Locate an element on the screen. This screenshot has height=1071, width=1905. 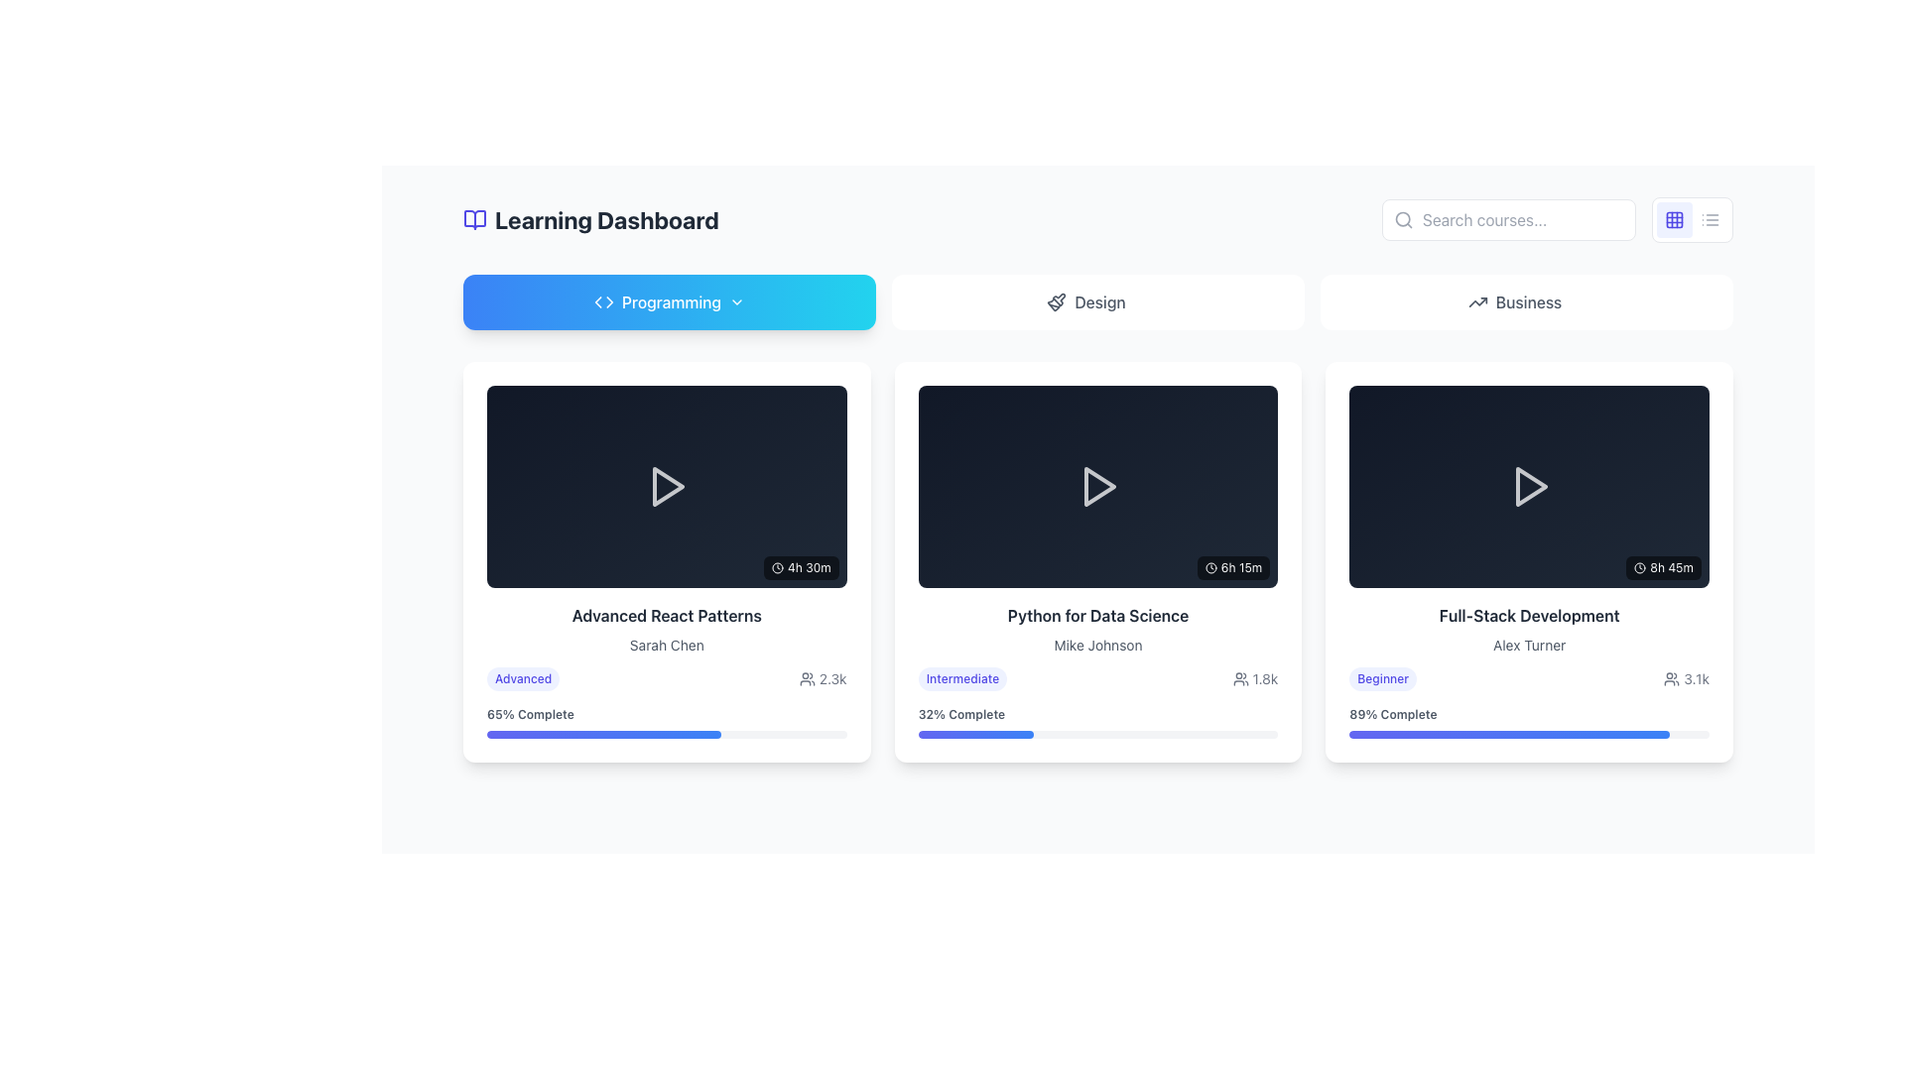
the interactive media play button located at the center of the video thumbnail area for 'Advanced React Patterns' is located at coordinates (667, 486).